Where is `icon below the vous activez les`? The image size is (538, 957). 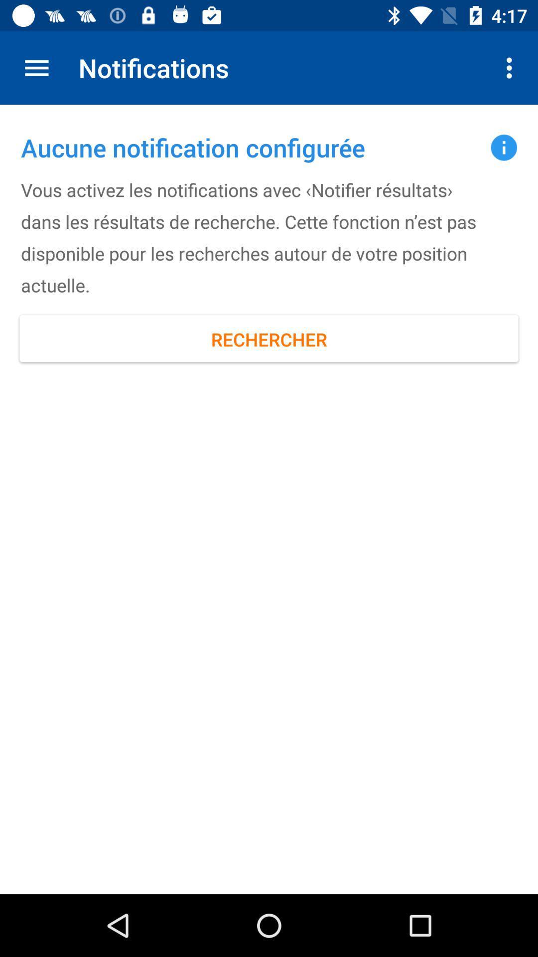
icon below the vous activez les is located at coordinates (269, 339).